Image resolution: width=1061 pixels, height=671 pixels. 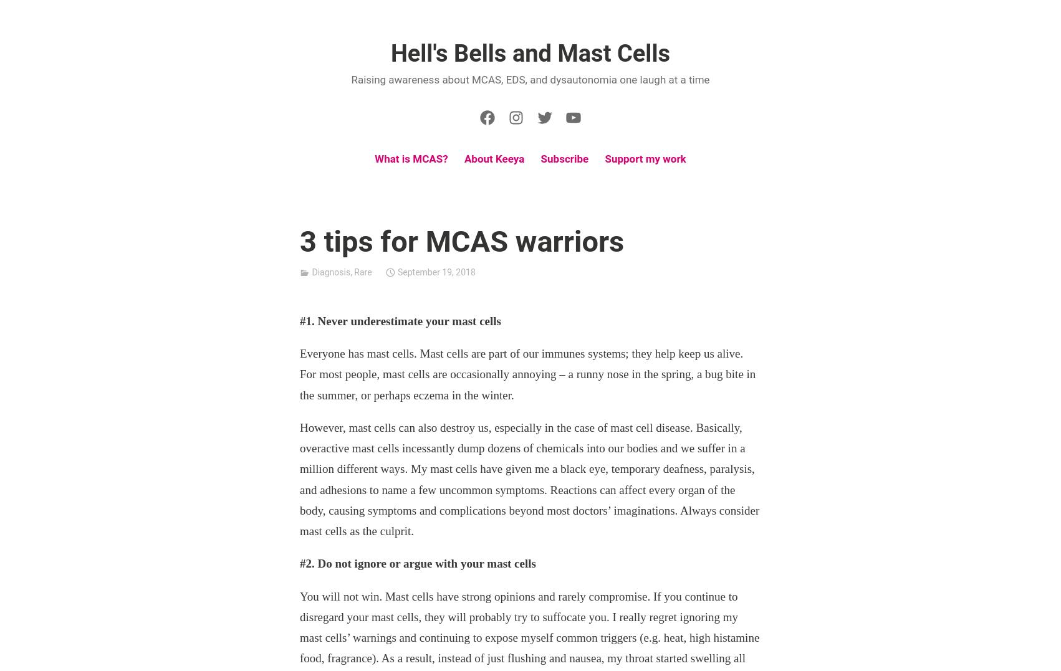 What do you see at coordinates (529, 52) in the screenshot?
I see `'Hell's Bells and Mast Cells'` at bounding box center [529, 52].